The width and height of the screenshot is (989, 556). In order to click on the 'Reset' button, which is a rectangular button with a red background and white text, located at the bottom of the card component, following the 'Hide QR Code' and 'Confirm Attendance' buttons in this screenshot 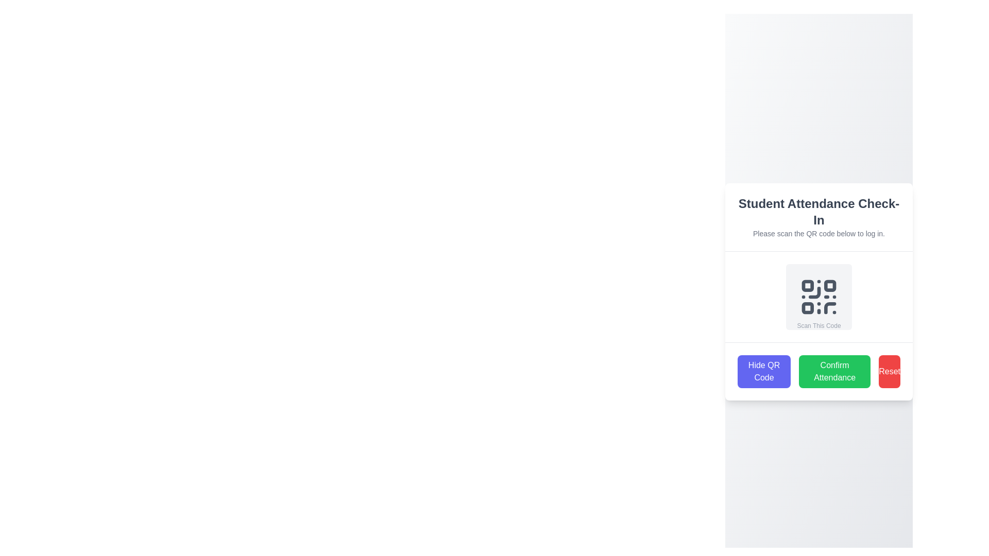, I will do `click(889, 371)`.